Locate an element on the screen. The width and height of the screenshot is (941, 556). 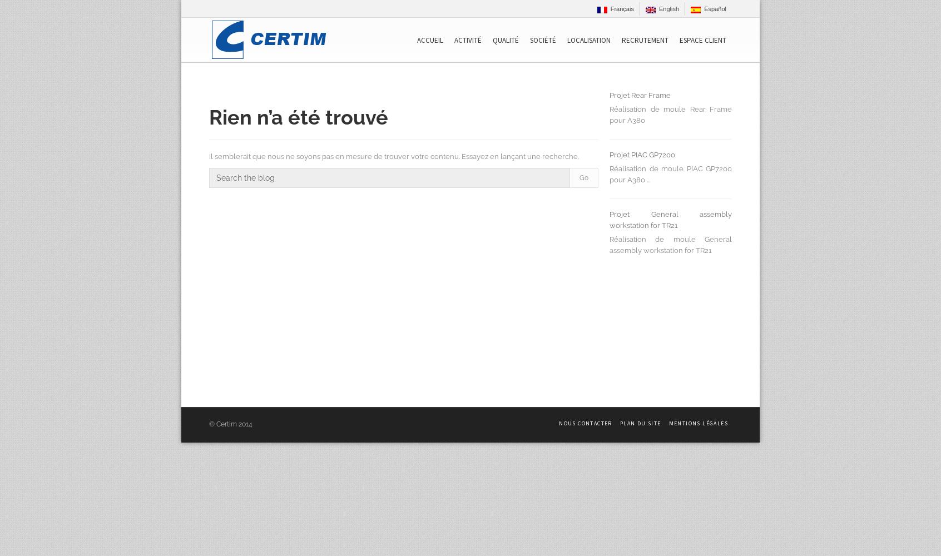
'Qualité' is located at coordinates (505, 39).